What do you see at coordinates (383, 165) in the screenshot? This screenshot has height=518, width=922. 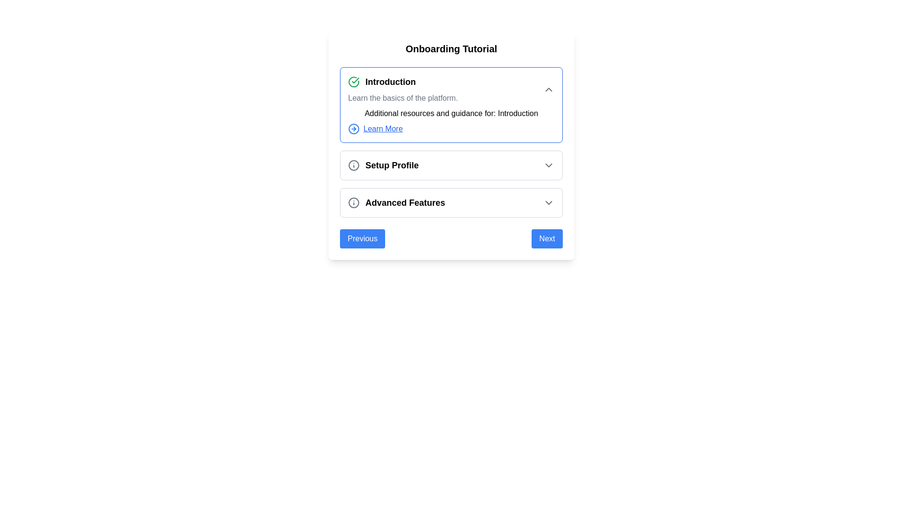 I see `the 'Setup Profile' text and icon combination element located in the onboarding tutorial interface, positioned within the second section of the UI card` at bounding box center [383, 165].